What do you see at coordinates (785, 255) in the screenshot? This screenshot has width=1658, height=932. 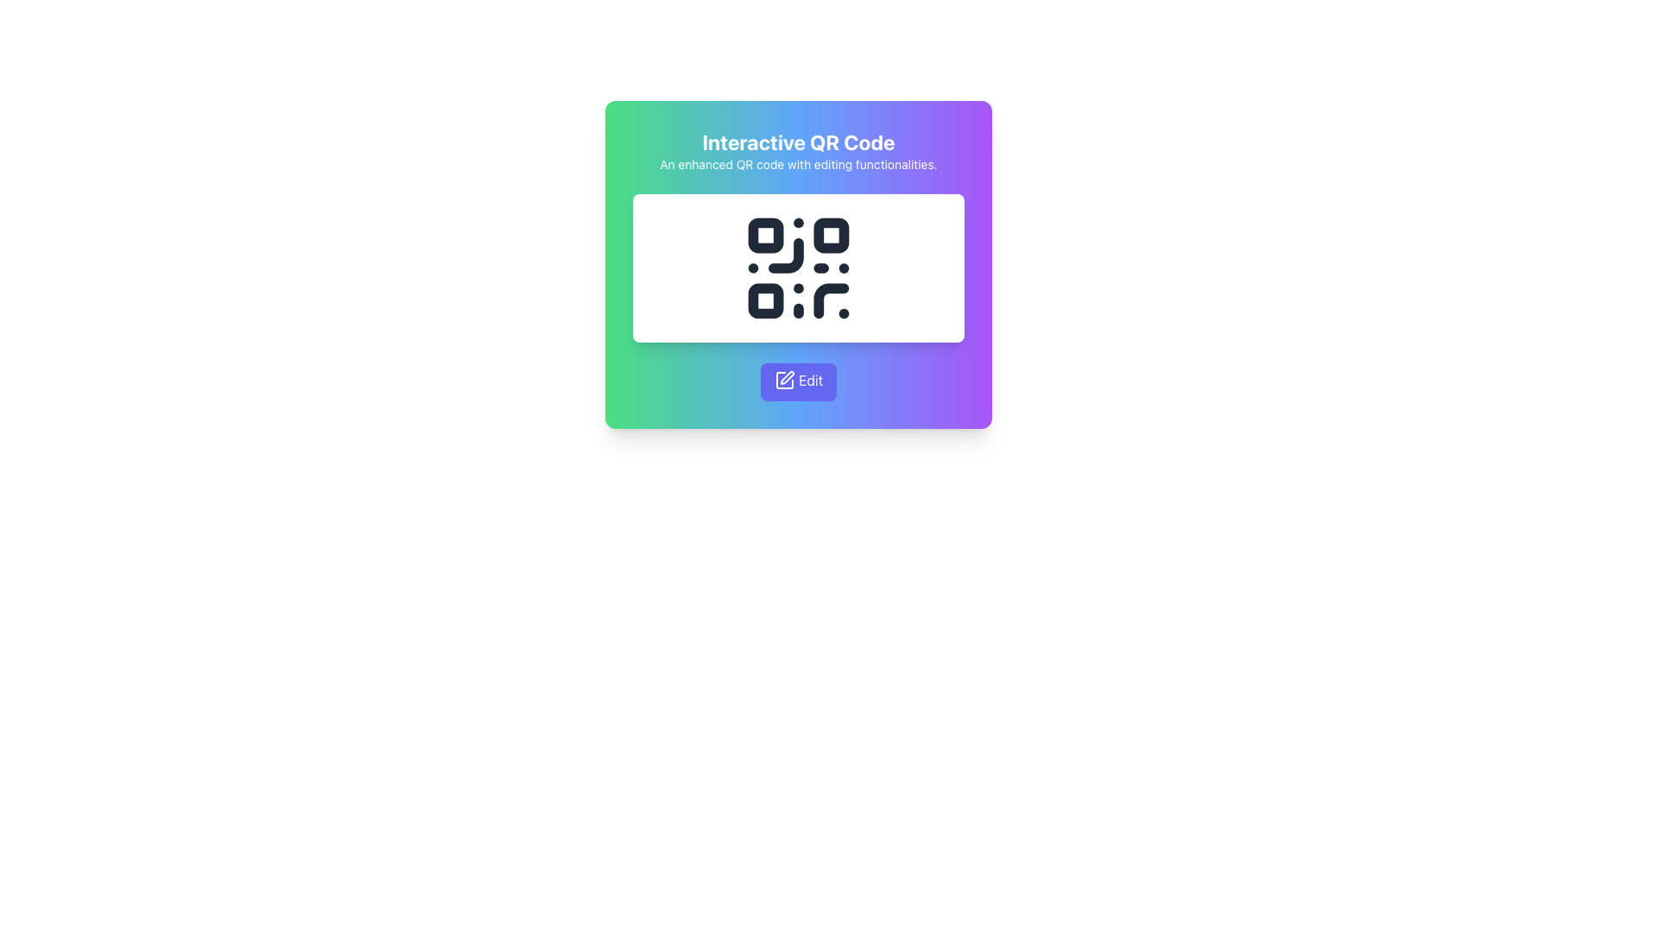 I see `the decorative graphic element within the SVG graphic of the QR code, located slightly to the top-right of the center of the QR code on a gradient-colored card` at bounding box center [785, 255].